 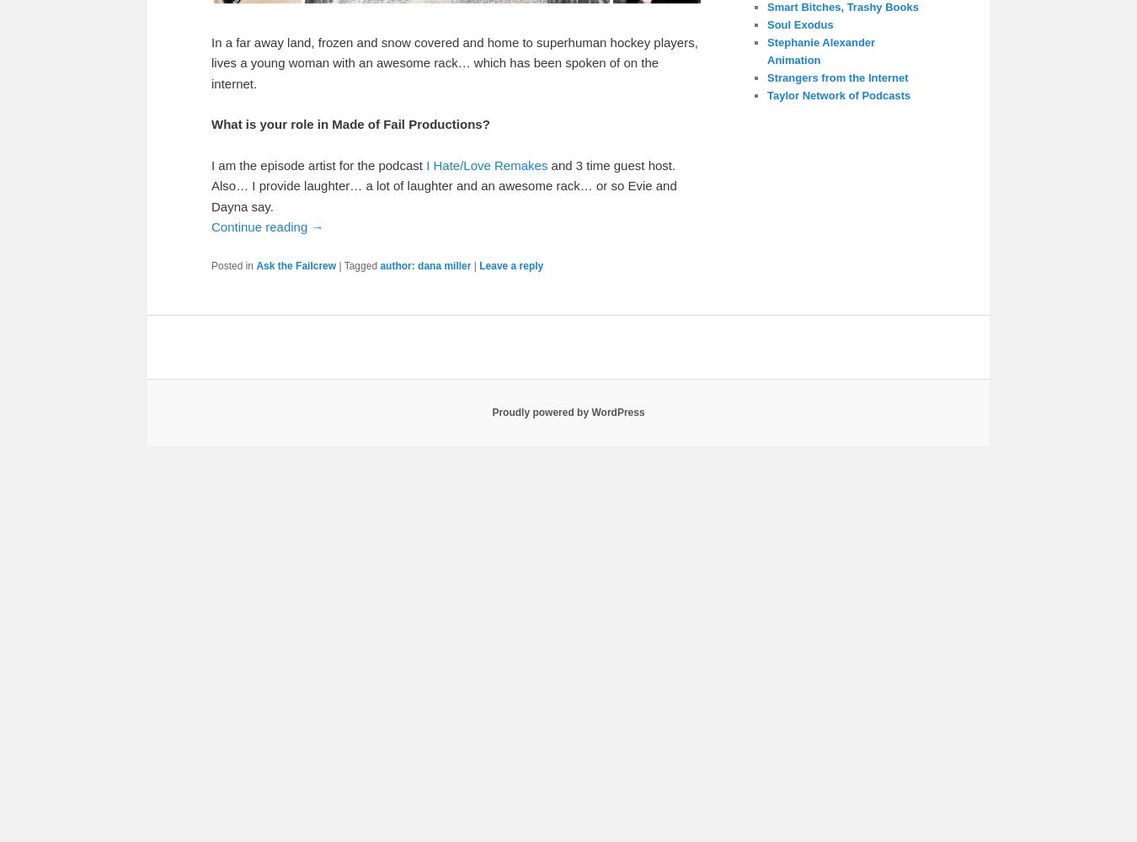 What do you see at coordinates (838, 94) in the screenshot?
I see `'Taylor Network of Podcasts'` at bounding box center [838, 94].